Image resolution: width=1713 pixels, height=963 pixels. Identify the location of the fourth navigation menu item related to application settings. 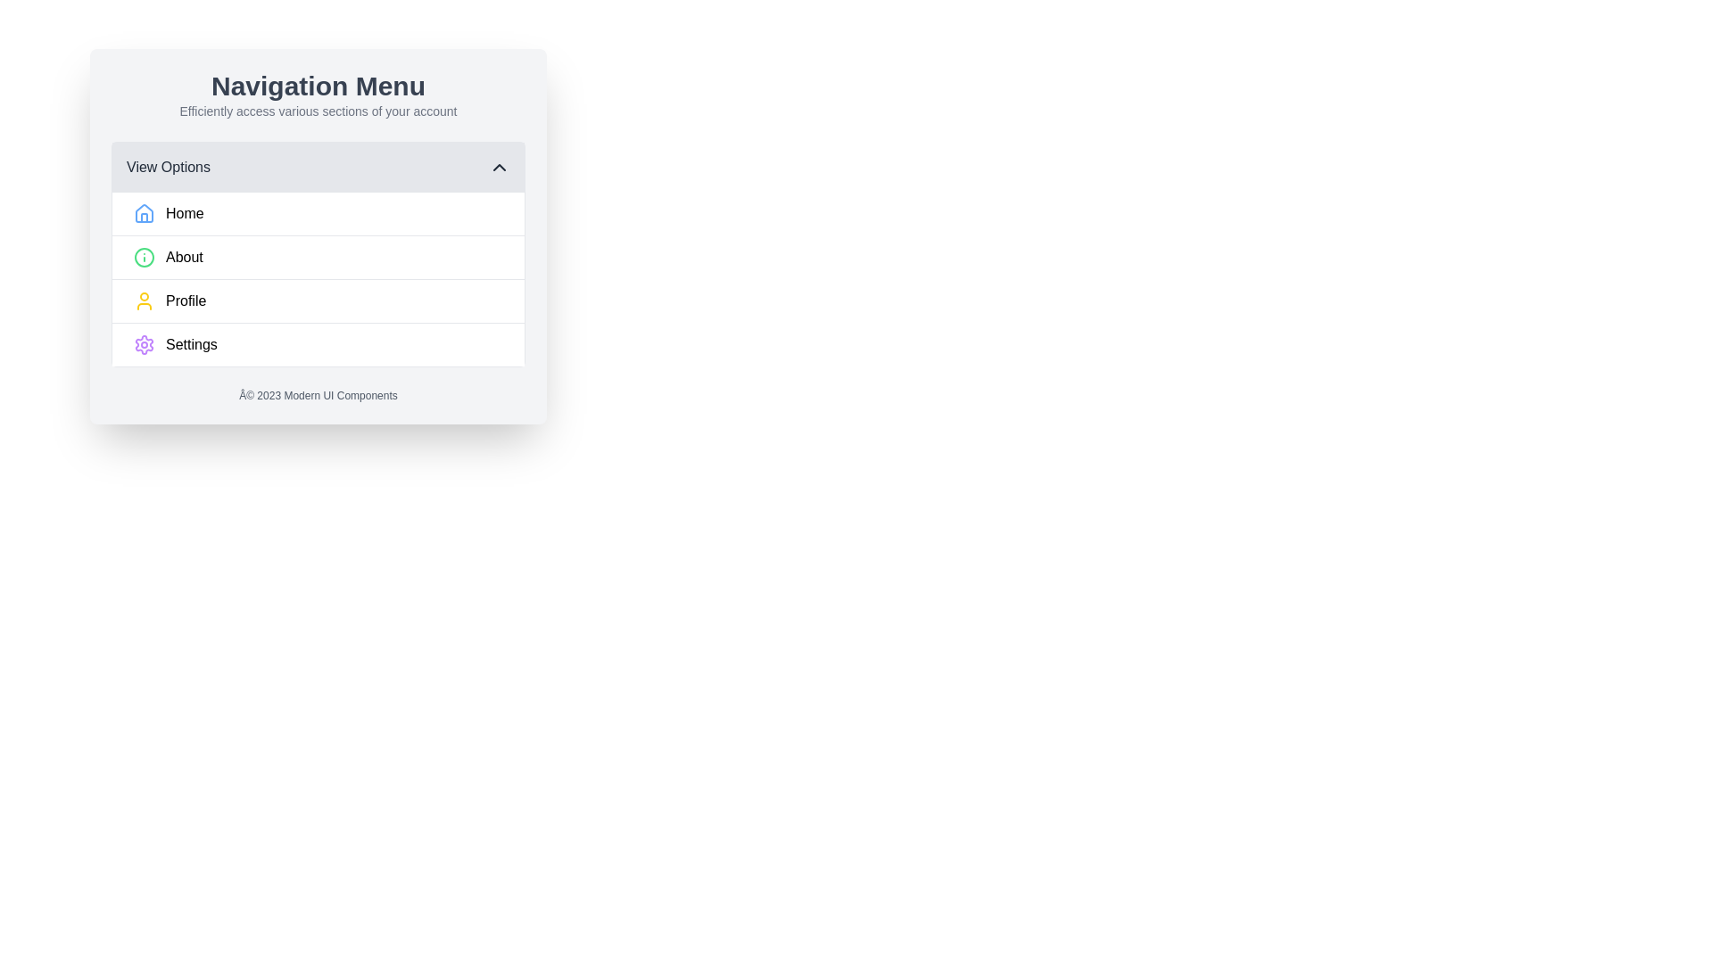
(318, 344).